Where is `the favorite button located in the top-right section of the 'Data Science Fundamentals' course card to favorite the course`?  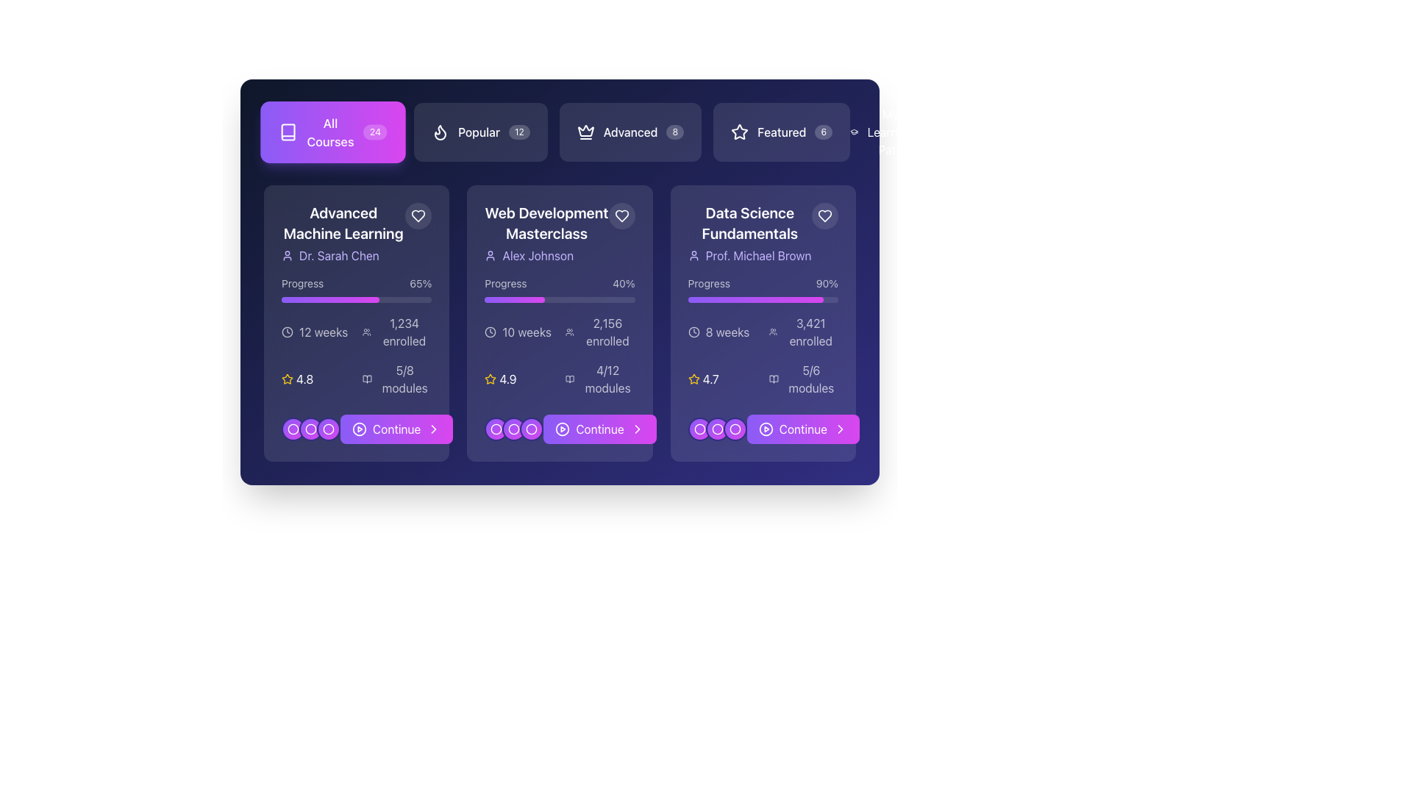
the favorite button located in the top-right section of the 'Data Science Fundamentals' course card to favorite the course is located at coordinates (825, 215).